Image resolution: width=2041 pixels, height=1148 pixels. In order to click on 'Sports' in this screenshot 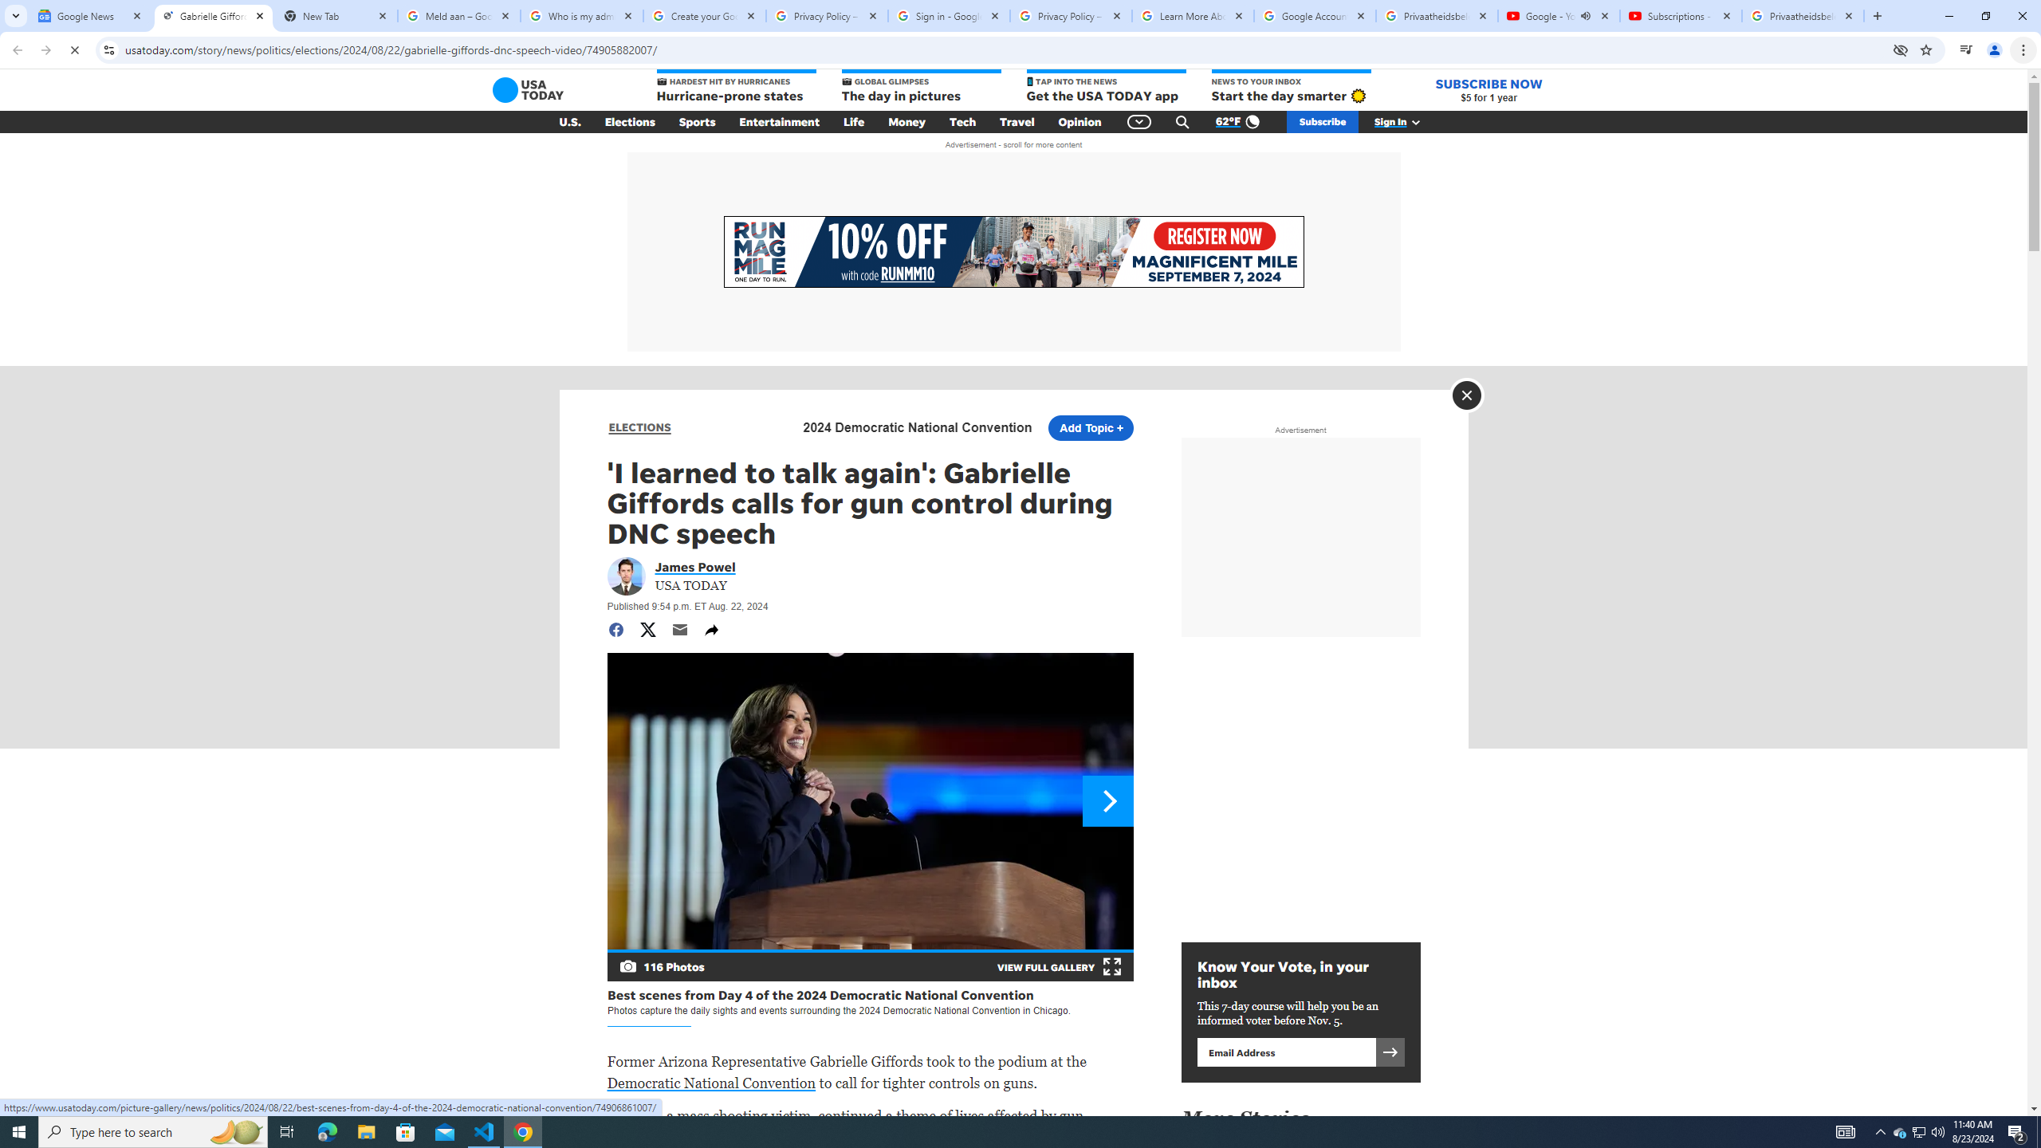, I will do `click(698, 122)`.